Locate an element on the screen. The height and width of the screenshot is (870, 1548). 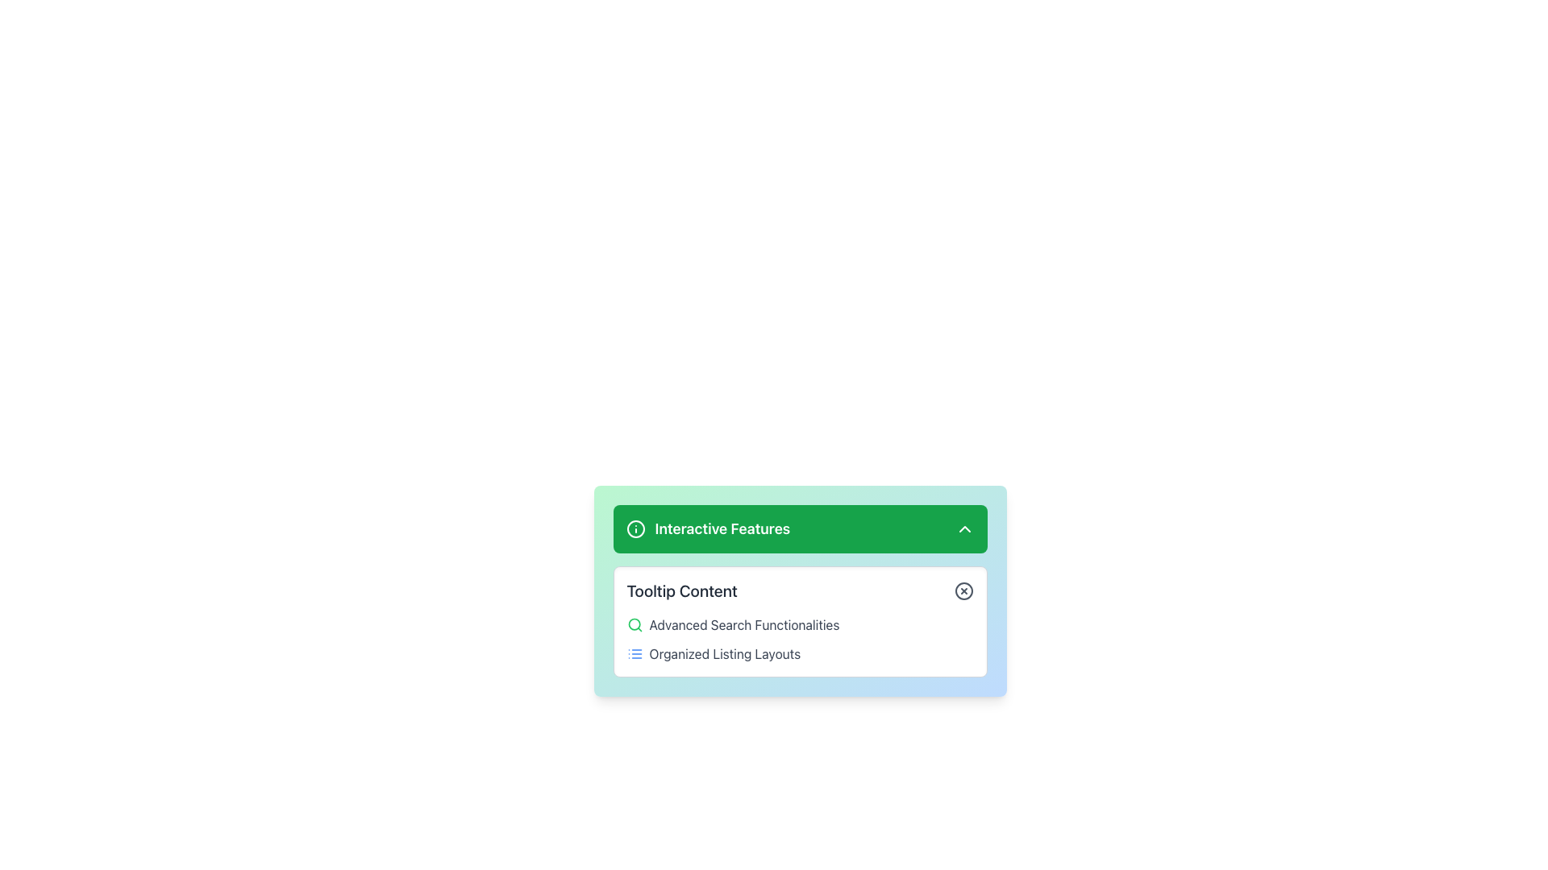
the informational icon symbol, which is a circle with an 'i' shape, located on a green background near the top-left corner of the 'Interactive Features' panel is located at coordinates (635, 528).